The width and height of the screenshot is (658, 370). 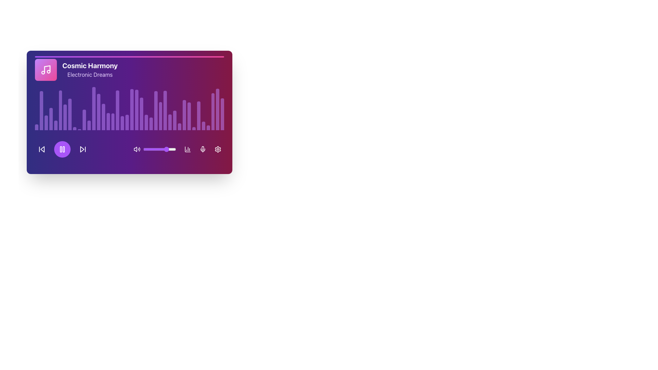 What do you see at coordinates (198, 115) in the screenshot?
I see `the 36th graphical bar in a sequence of 48 bars, which visually represents audio activity, located towards the right side of the group` at bounding box center [198, 115].